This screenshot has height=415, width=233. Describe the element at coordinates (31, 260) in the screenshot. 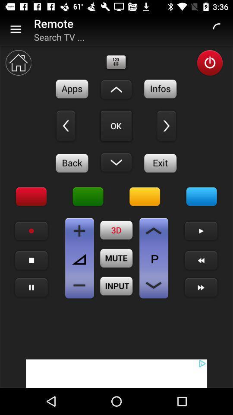

I see `menu bar` at that location.